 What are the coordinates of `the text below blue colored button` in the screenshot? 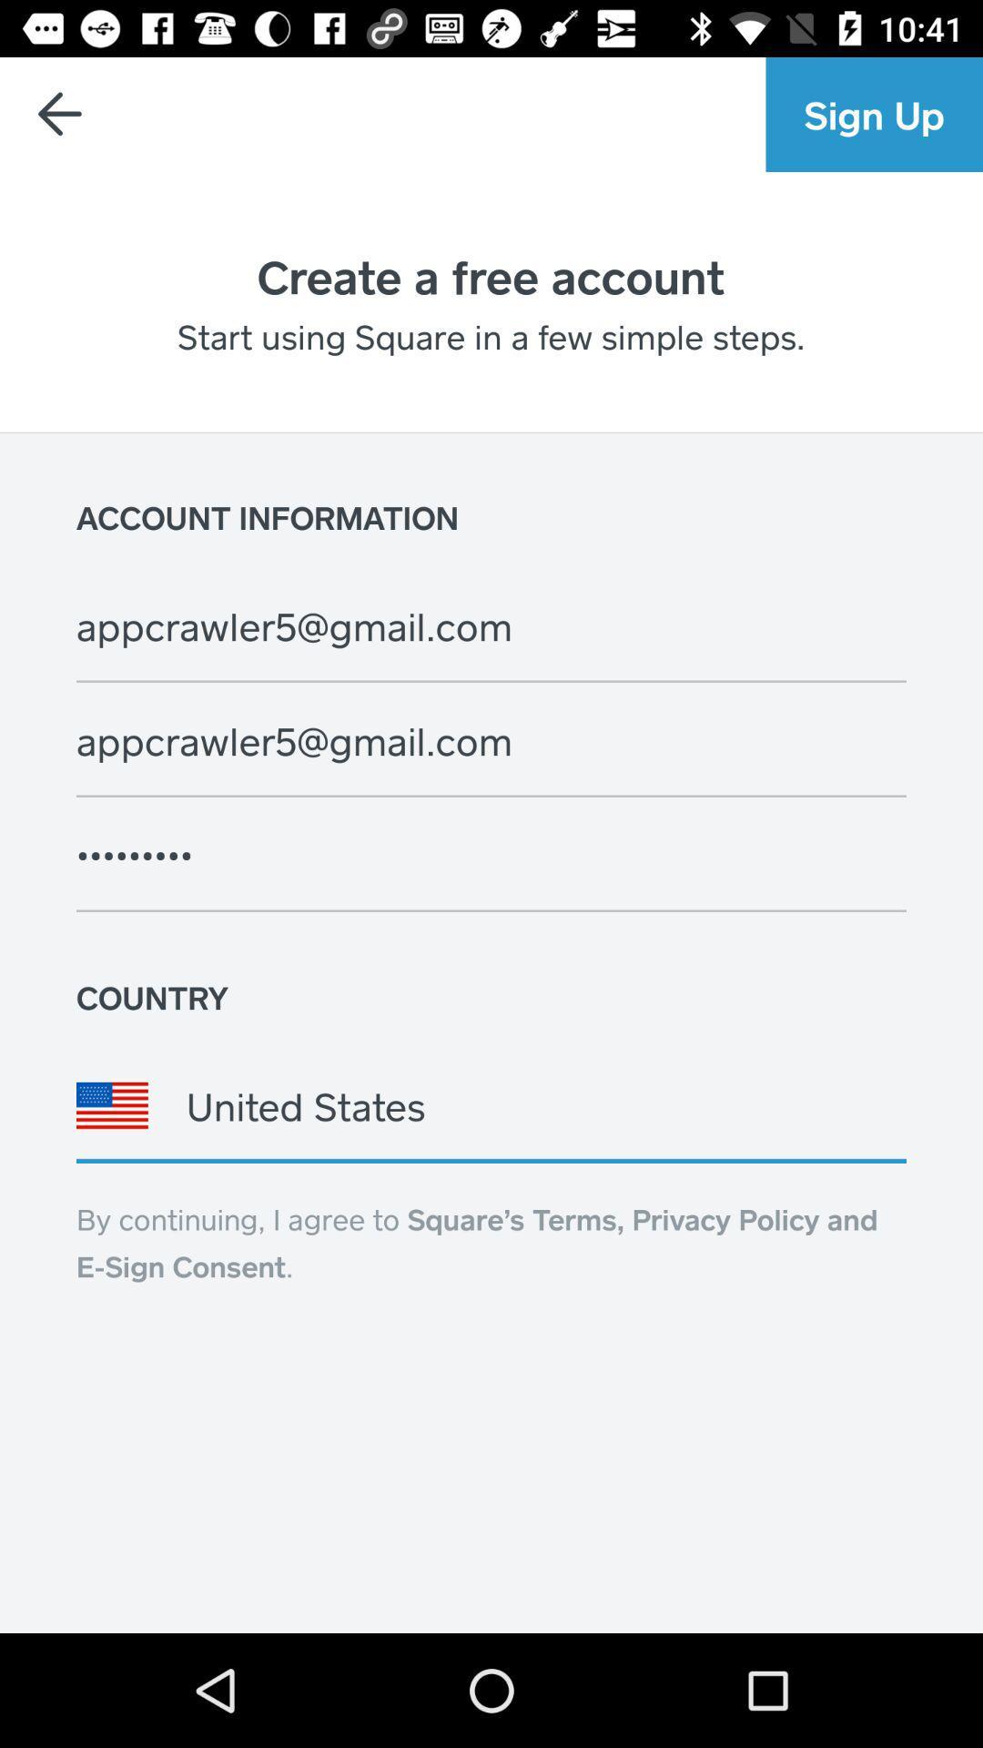 It's located at (491, 275).